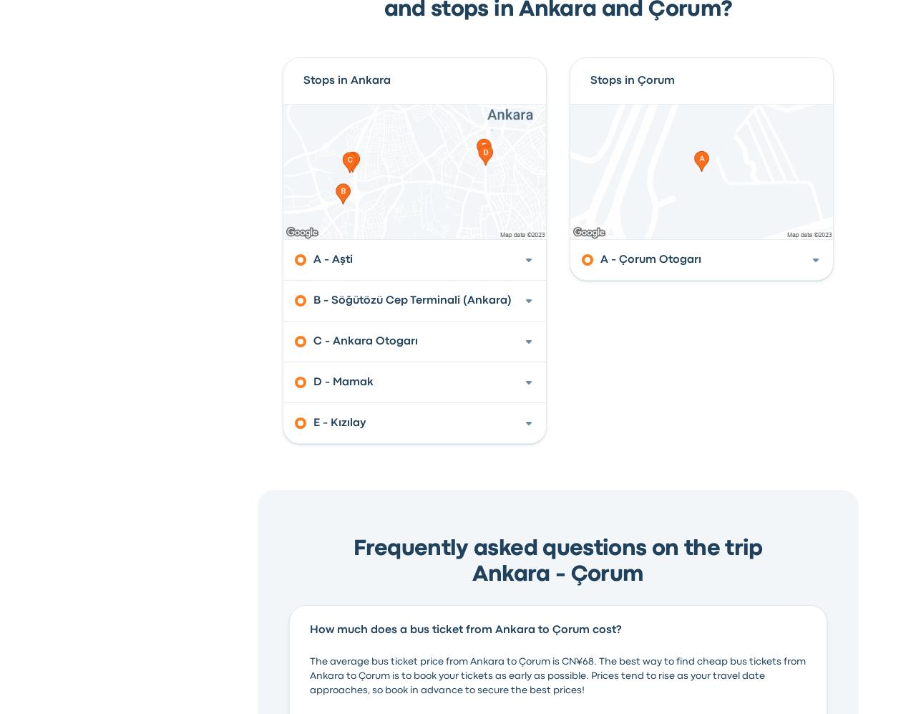 This screenshot has height=714, width=916. I want to click on 'E - Kızılay', so click(338, 422).